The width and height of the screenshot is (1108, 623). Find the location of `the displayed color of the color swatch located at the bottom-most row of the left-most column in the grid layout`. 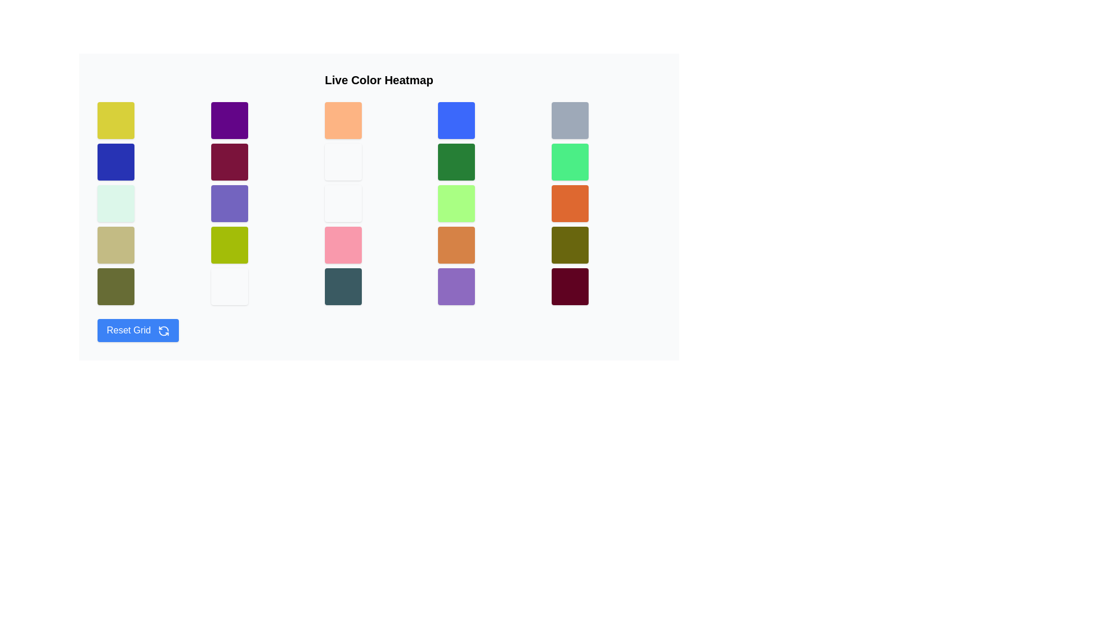

the displayed color of the color swatch located at the bottom-most row of the left-most column in the grid layout is located at coordinates (116, 286).